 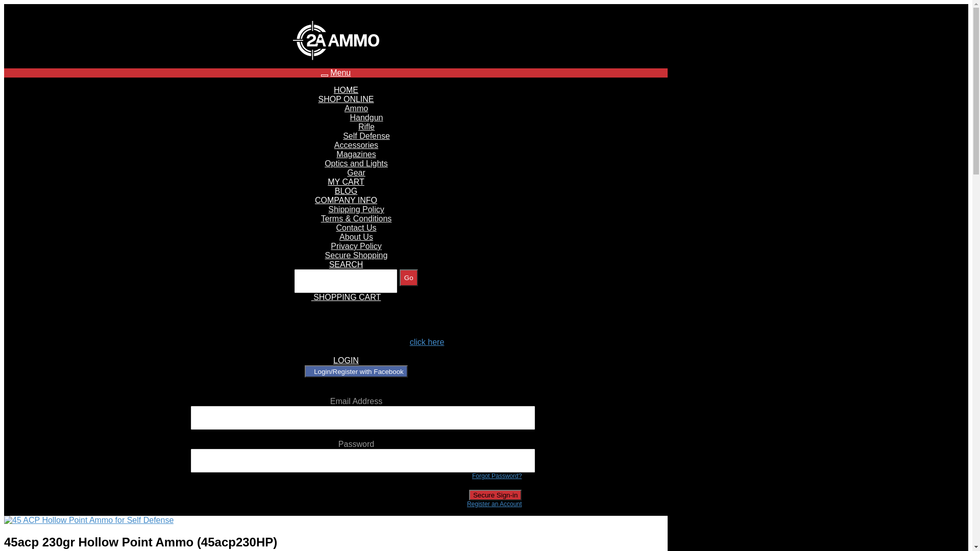 What do you see at coordinates (356, 163) in the screenshot?
I see `'Optics and Lights'` at bounding box center [356, 163].